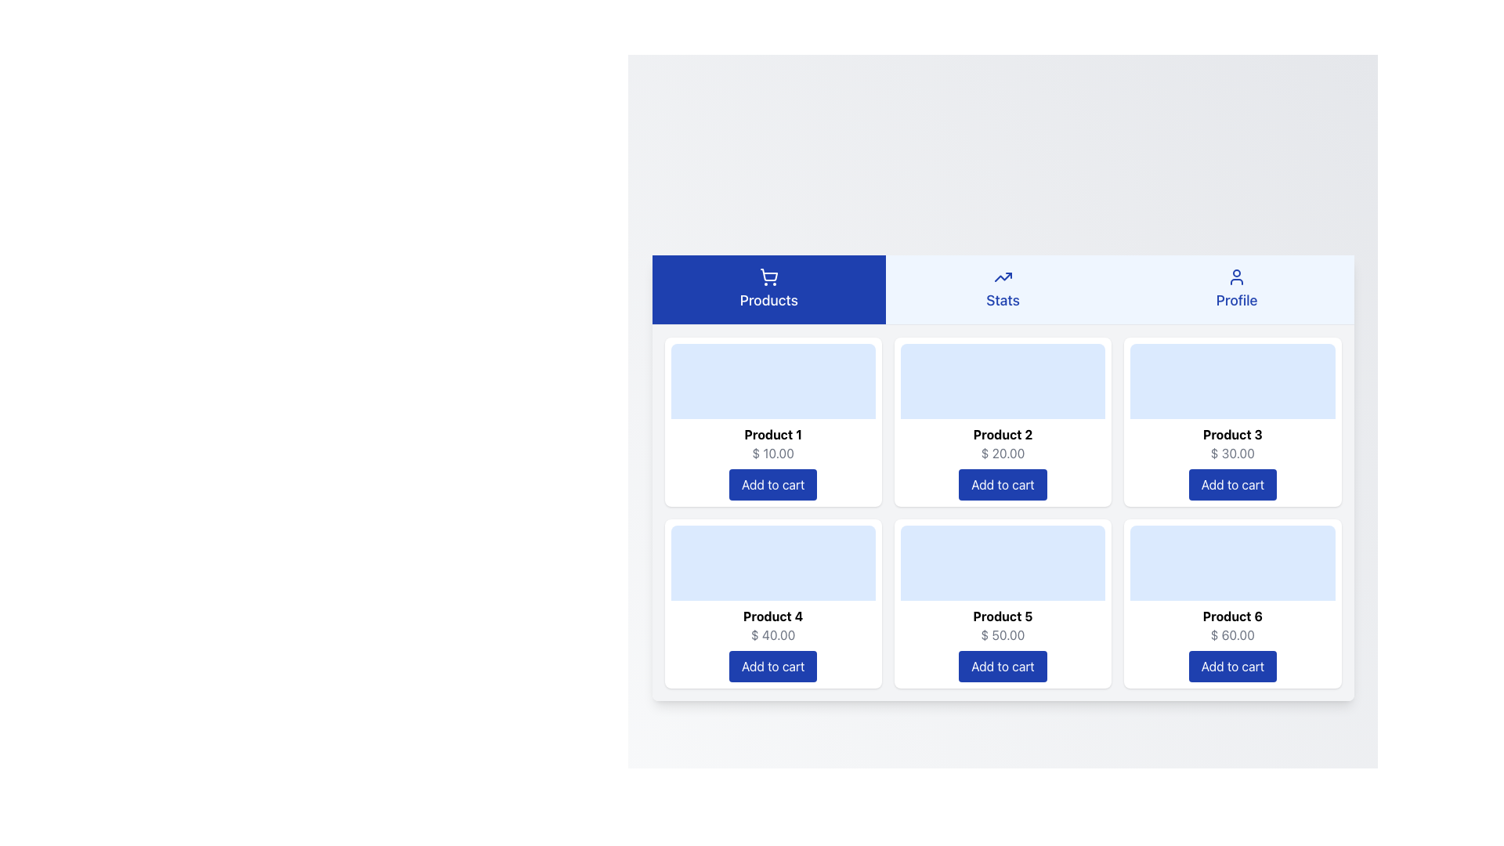 The width and height of the screenshot is (1504, 846). Describe the element at coordinates (1231, 434) in the screenshot. I see `the static text label that displays the product title in the upper-middle section of the product card` at that location.